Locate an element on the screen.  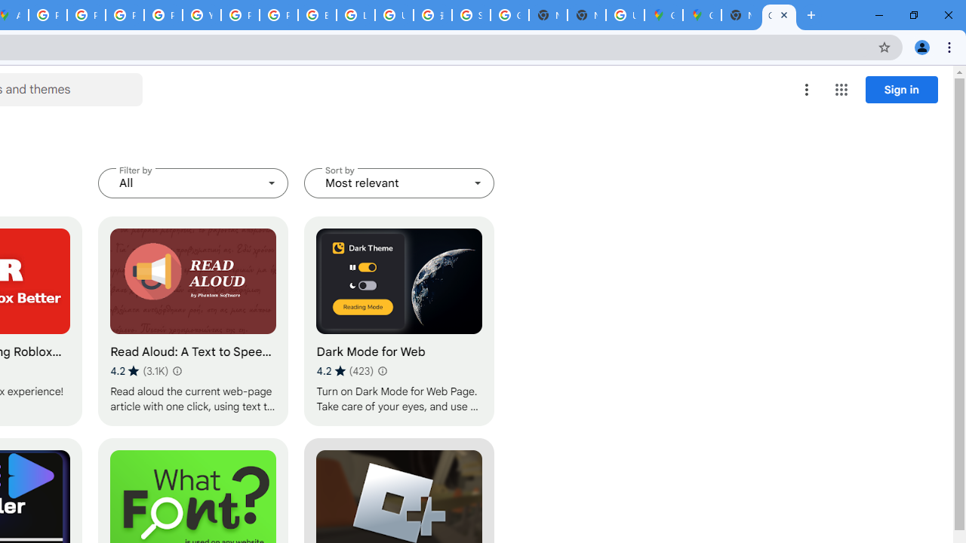
'Privacy Help Center - Policies Help' is located at coordinates (125, 15).